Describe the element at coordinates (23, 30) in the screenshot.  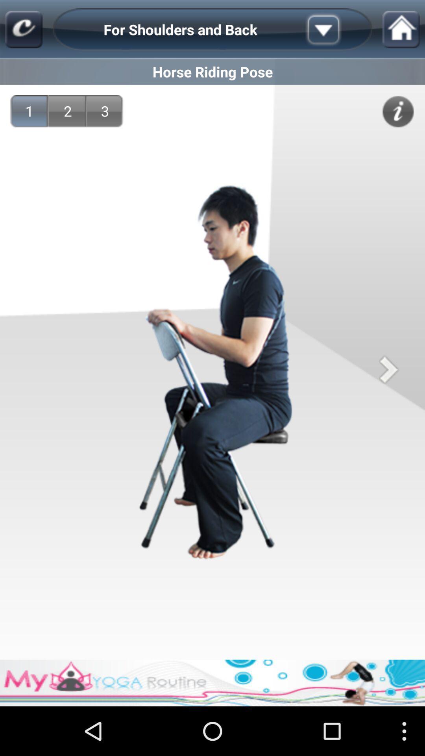
I see `the main page` at that location.